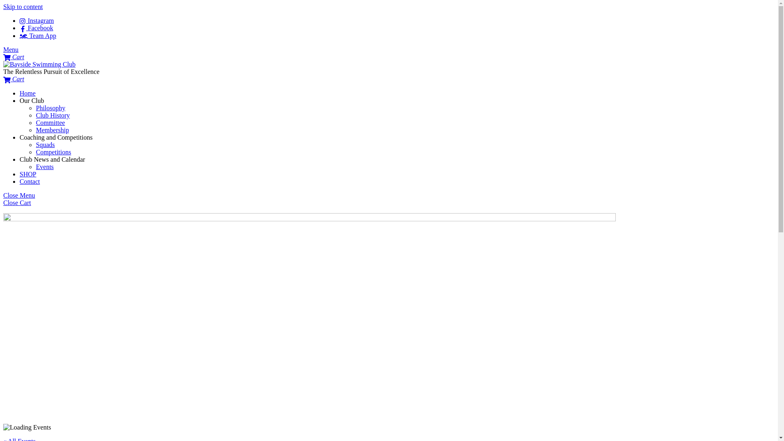  I want to click on 'Squads', so click(45, 144).